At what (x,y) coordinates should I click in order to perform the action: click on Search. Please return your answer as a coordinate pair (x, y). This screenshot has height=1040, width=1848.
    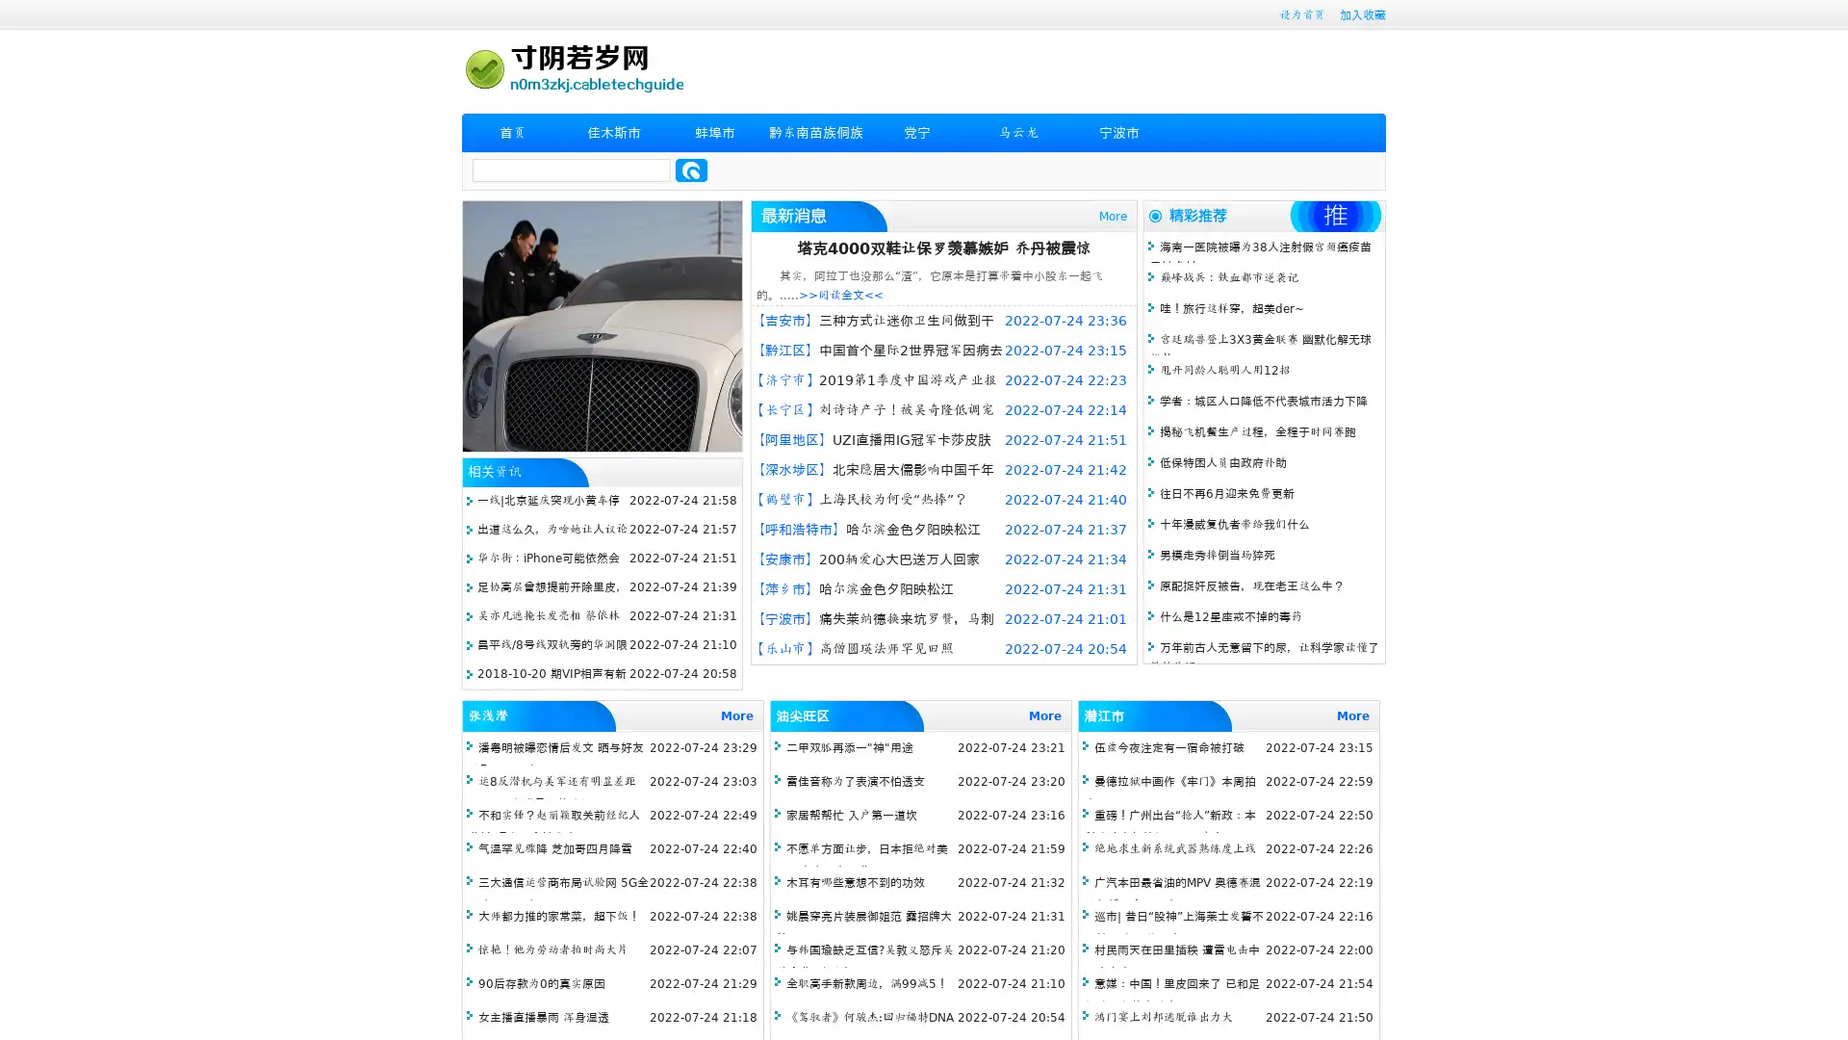
    Looking at the image, I should click on (691, 169).